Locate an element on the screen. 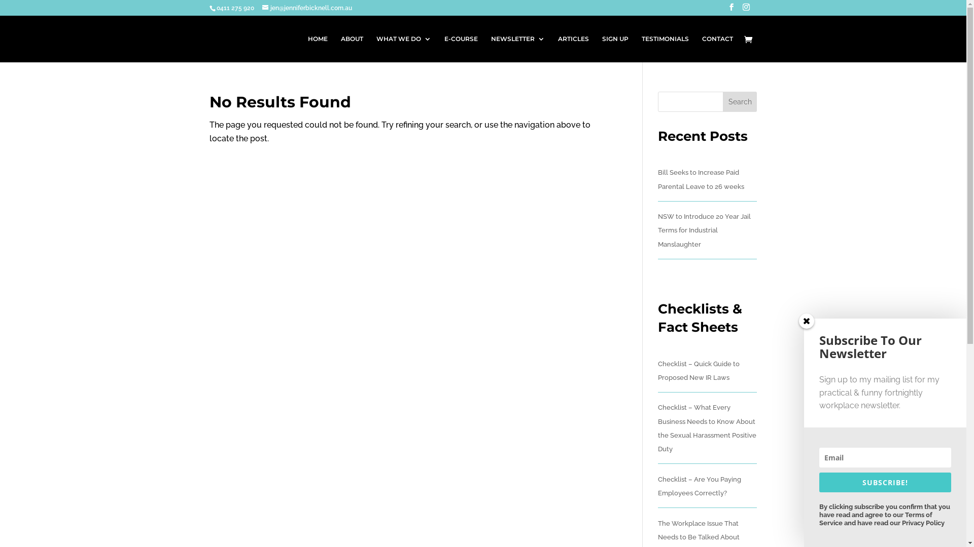 The height and width of the screenshot is (547, 974). 'SUBSCRIBE!' is located at coordinates (885, 482).